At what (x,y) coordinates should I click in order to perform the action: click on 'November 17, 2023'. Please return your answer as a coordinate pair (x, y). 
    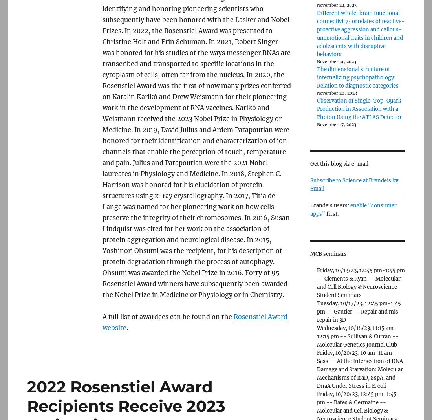
    Looking at the image, I should click on (336, 124).